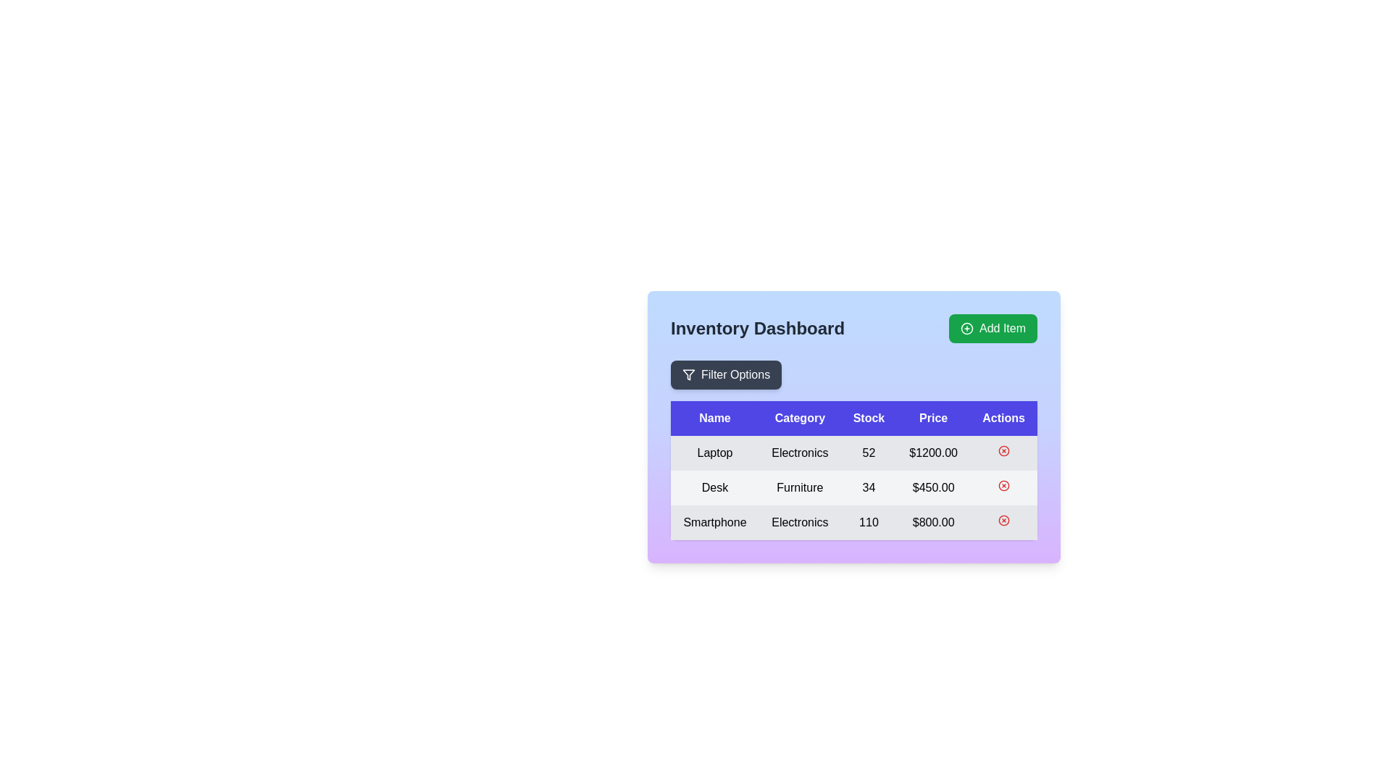 This screenshot has width=1391, height=782. Describe the element at coordinates (854, 488) in the screenshot. I see `the second row of the inventory table, which summarizes details about an item` at that location.